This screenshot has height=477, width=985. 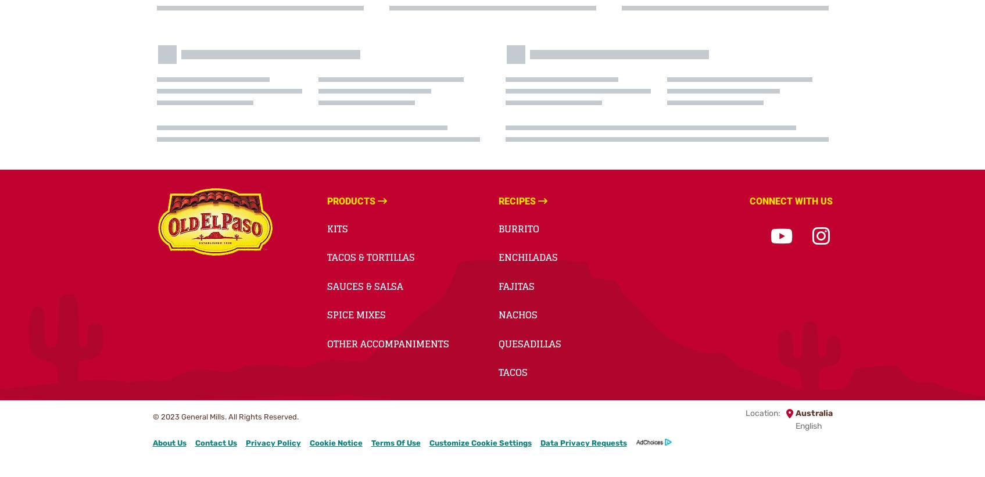 What do you see at coordinates (337, 228) in the screenshot?
I see `'Kits'` at bounding box center [337, 228].